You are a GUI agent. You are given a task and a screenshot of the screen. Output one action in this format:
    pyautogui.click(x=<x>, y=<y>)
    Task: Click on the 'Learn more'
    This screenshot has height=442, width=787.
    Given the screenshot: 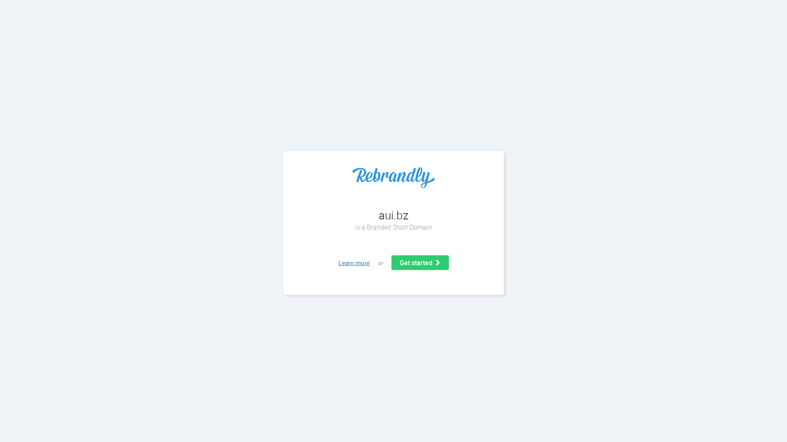 What is the action you would take?
    pyautogui.click(x=354, y=262)
    